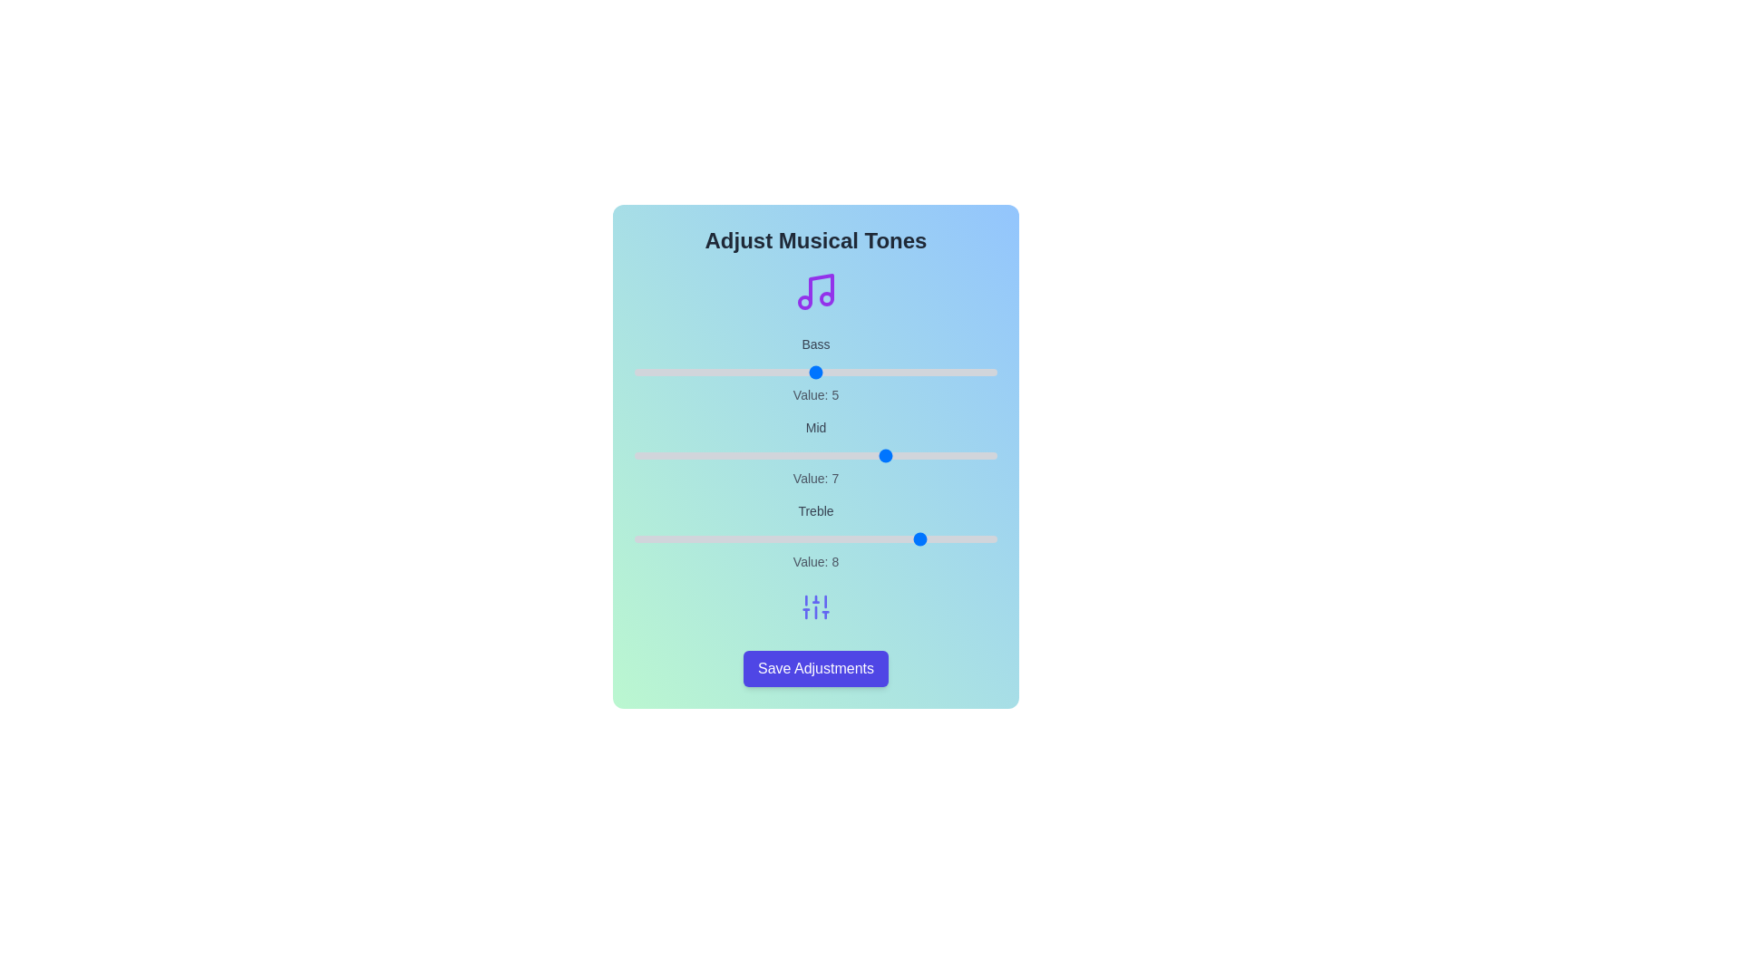 The width and height of the screenshot is (1741, 979). Describe the element at coordinates (814, 668) in the screenshot. I see `the 'Save Adjustments' button to save the current tone settings` at that location.